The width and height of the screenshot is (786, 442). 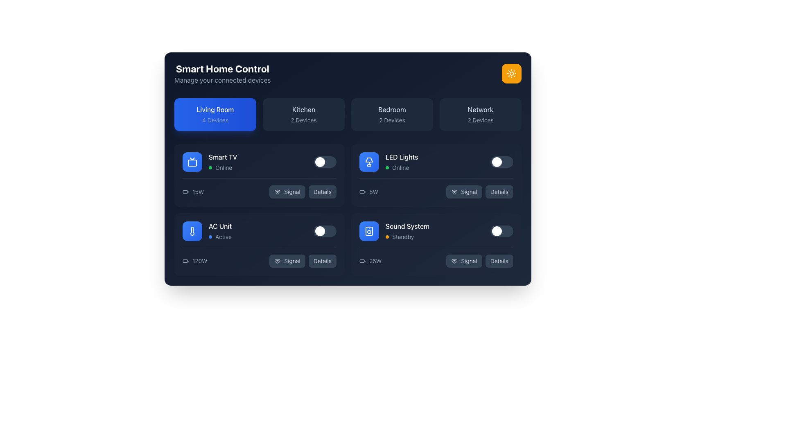 I want to click on the toggle switch for the 'Sound System' device, so click(x=501, y=231).